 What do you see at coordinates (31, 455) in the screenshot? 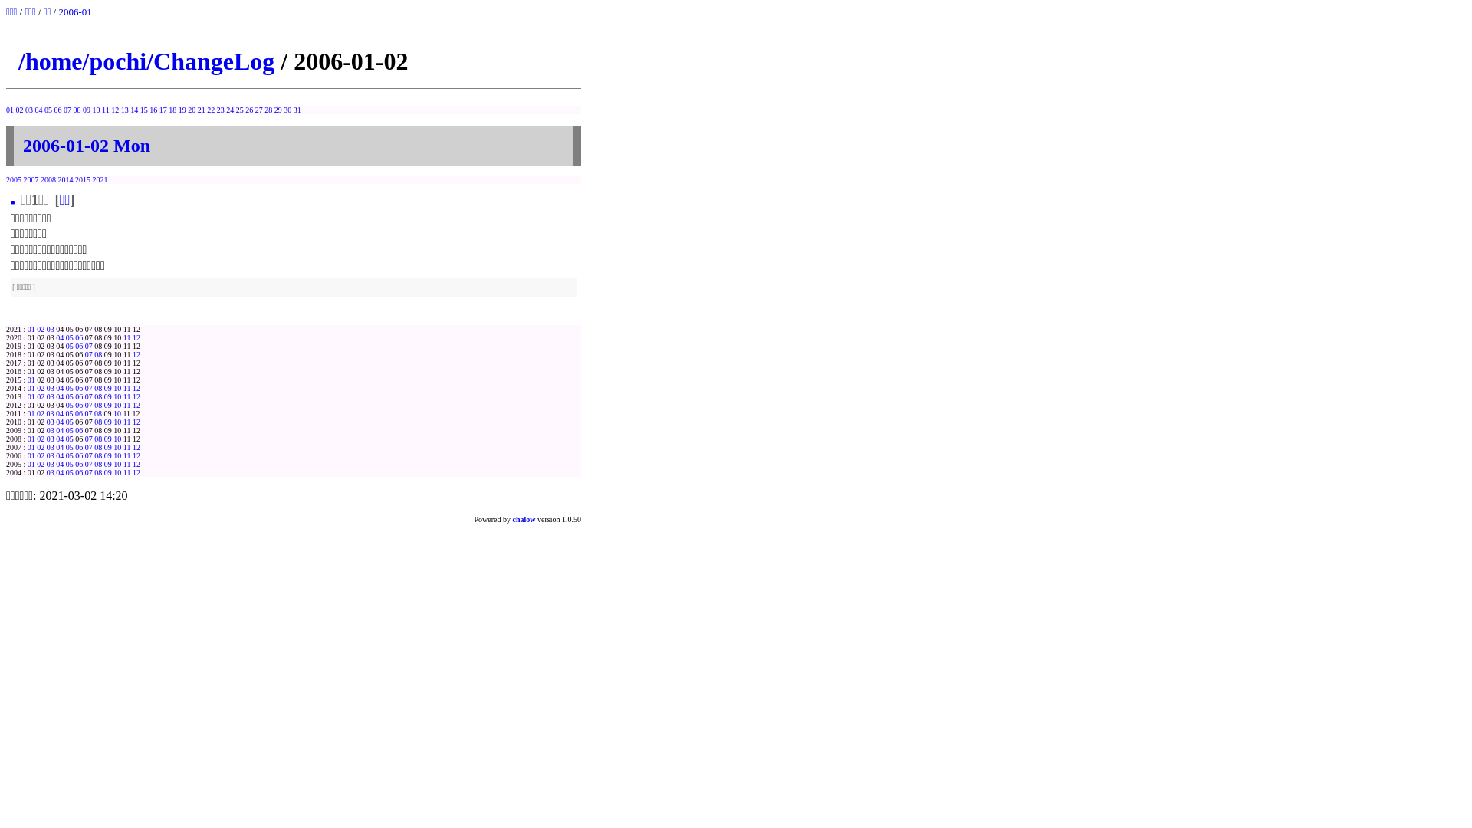
I see `'01'` at bounding box center [31, 455].